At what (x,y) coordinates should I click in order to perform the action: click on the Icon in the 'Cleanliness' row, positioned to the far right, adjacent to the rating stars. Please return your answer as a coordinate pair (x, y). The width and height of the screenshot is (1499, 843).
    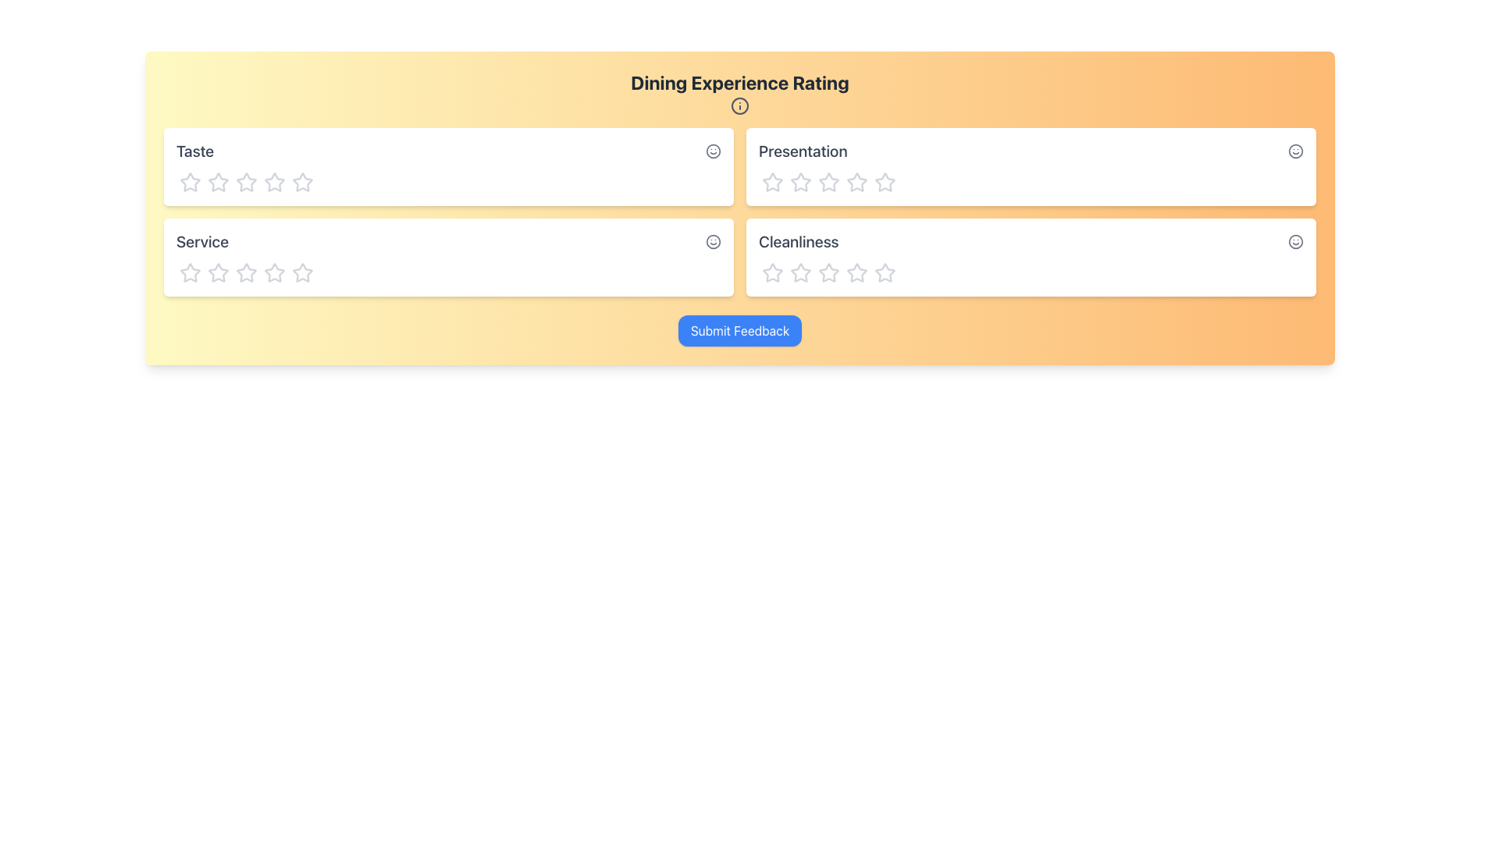
    Looking at the image, I should click on (1296, 240).